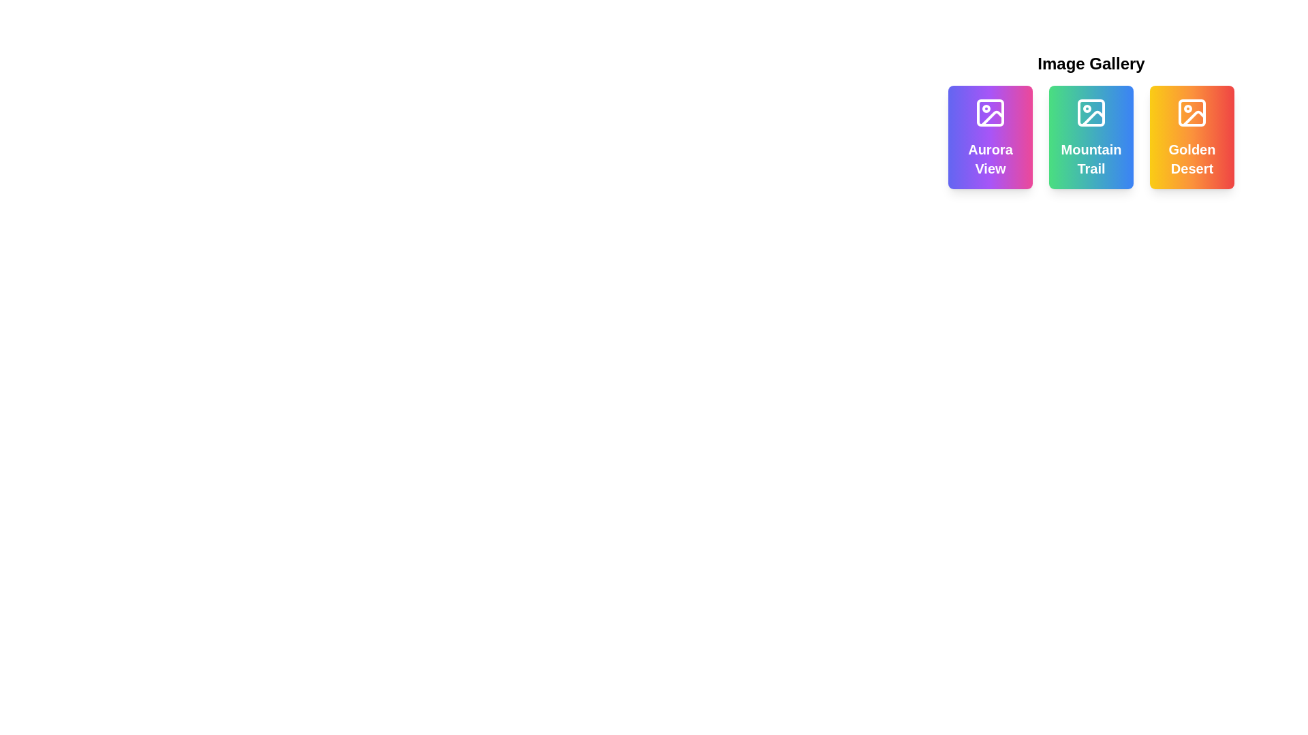 The image size is (1308, 735). Describe the element at coordinates (1091, 112) in the screenshot. I see `the 'Mountain Trail' icon located at the top center of the middle card, which visually represents the 'Mountain Trail' option` at that location.